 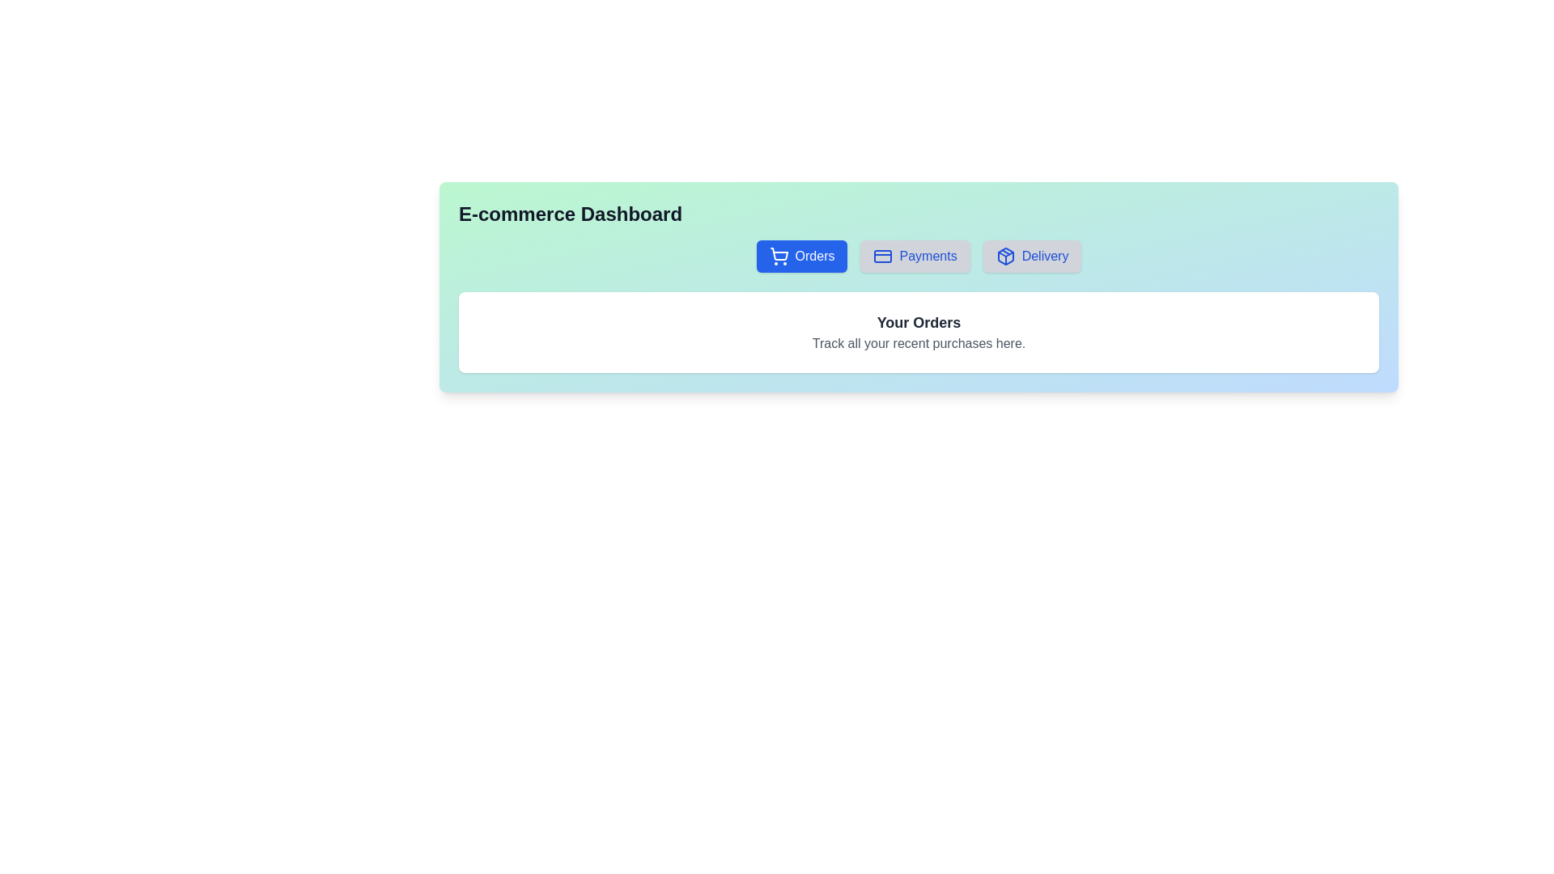 I want to click on the 'Your Orders' text label, which serves as a title indicating the user's order section within the application, so click(x=919, y=322).